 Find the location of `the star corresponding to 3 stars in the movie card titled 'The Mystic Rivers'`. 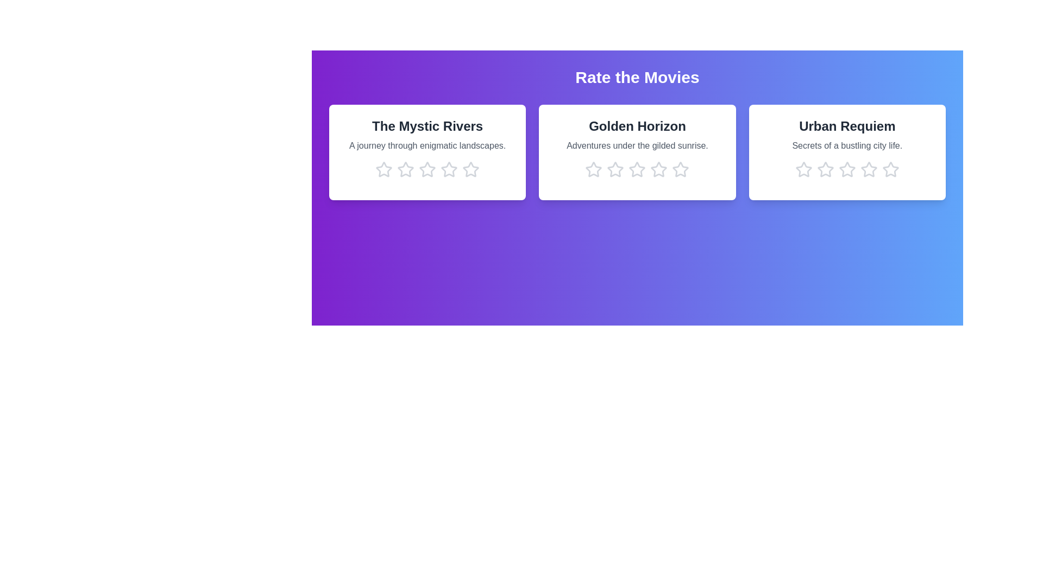

the star corresponding to 3 stars in the movie card titled 'The Mystic Rivers' is located at coordinates (427, 169).